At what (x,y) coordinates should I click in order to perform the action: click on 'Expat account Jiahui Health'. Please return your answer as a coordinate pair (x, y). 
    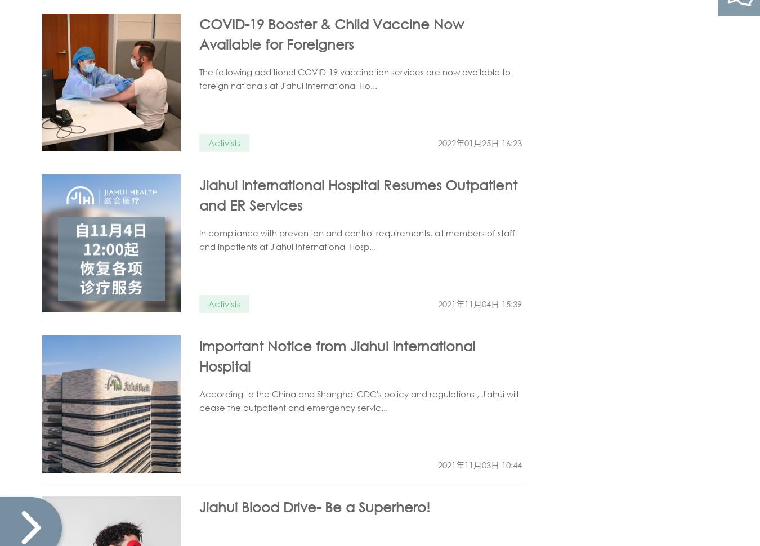
    Looking at the image, I should click on (680, 68).